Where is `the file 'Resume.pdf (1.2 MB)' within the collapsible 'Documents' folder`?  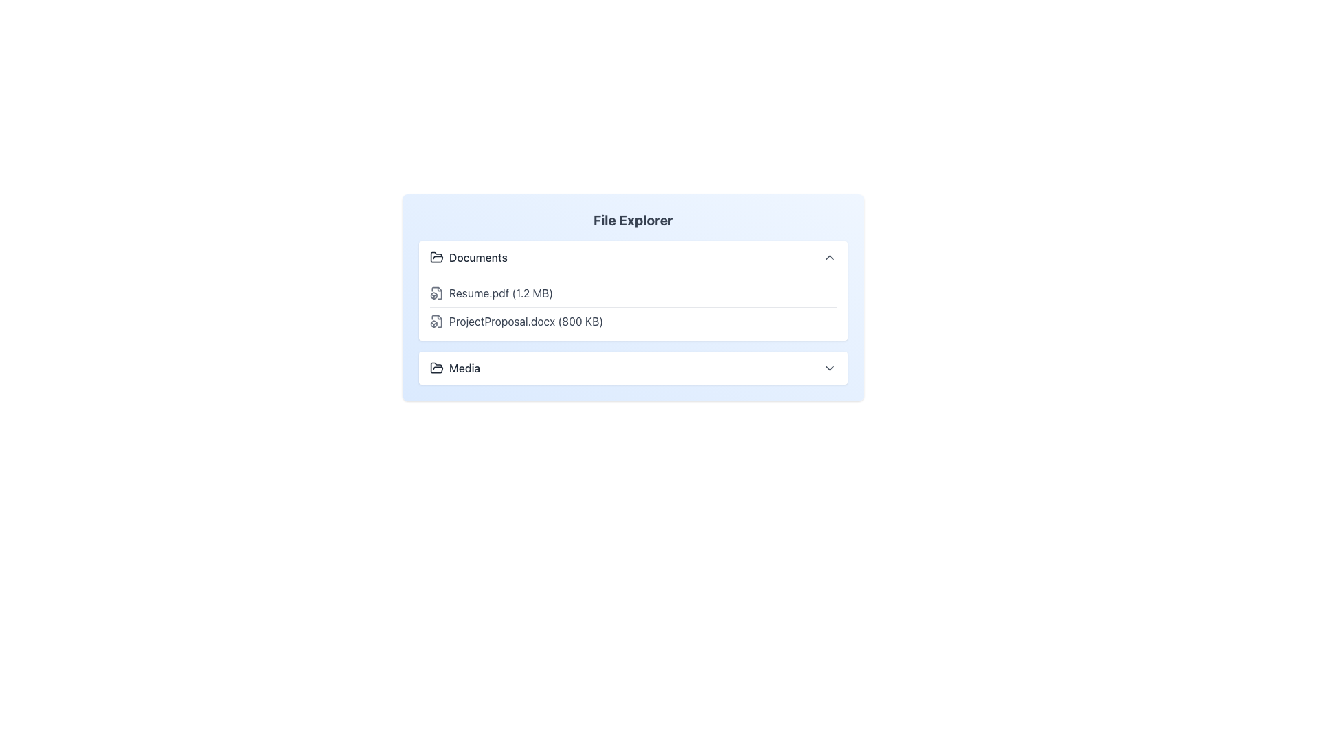 the file 'Resume.pdf (1.2 MB)' within the collapsible 'Documents' folder is located at coordinates (632, 290).